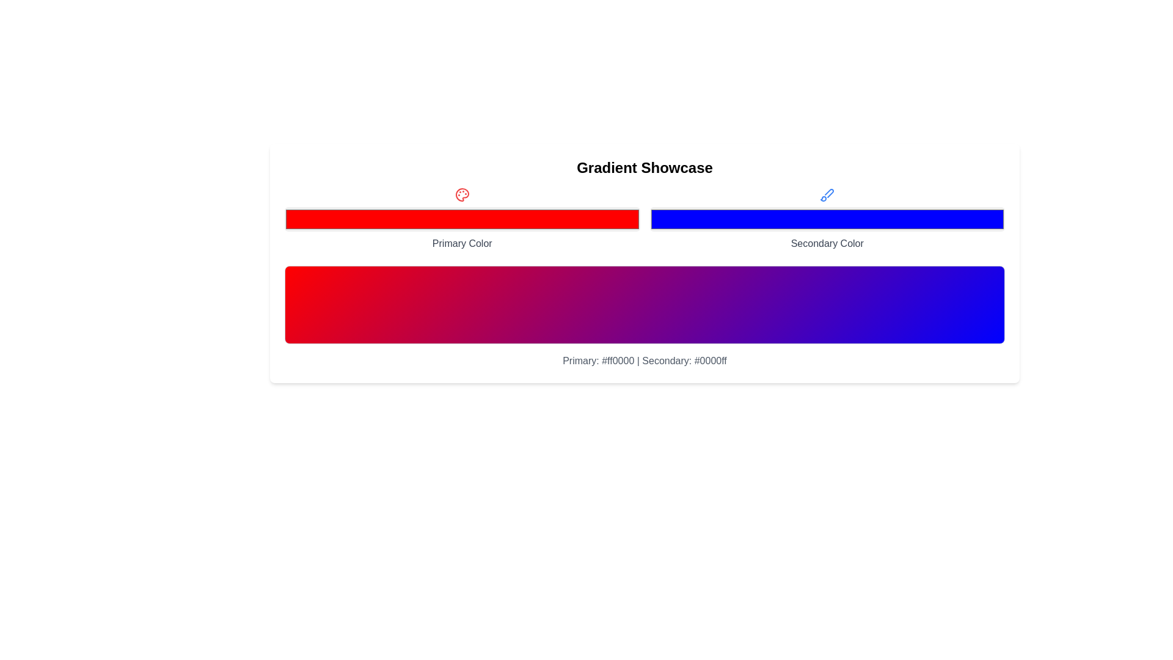 The image size is (1173, 660). I want to click on the SVG Icon that represents tools/options for selecting or modifying the secondary color, located in the 'Secondary Color' section above the text 'Secondary Color', so click(827, 194).